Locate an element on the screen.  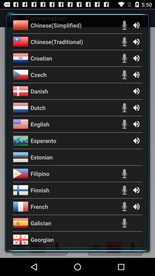
the chinese(traditional) icon is located at coordinates (57, 41).